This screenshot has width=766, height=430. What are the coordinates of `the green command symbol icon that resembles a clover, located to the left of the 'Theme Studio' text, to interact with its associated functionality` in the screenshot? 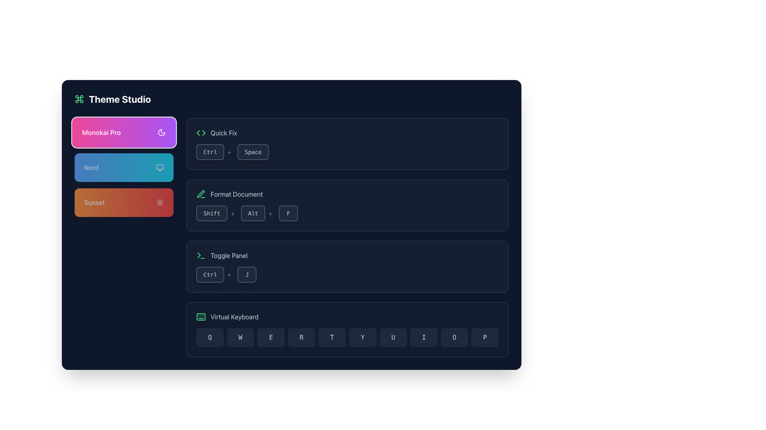 It's located at (79, 99).